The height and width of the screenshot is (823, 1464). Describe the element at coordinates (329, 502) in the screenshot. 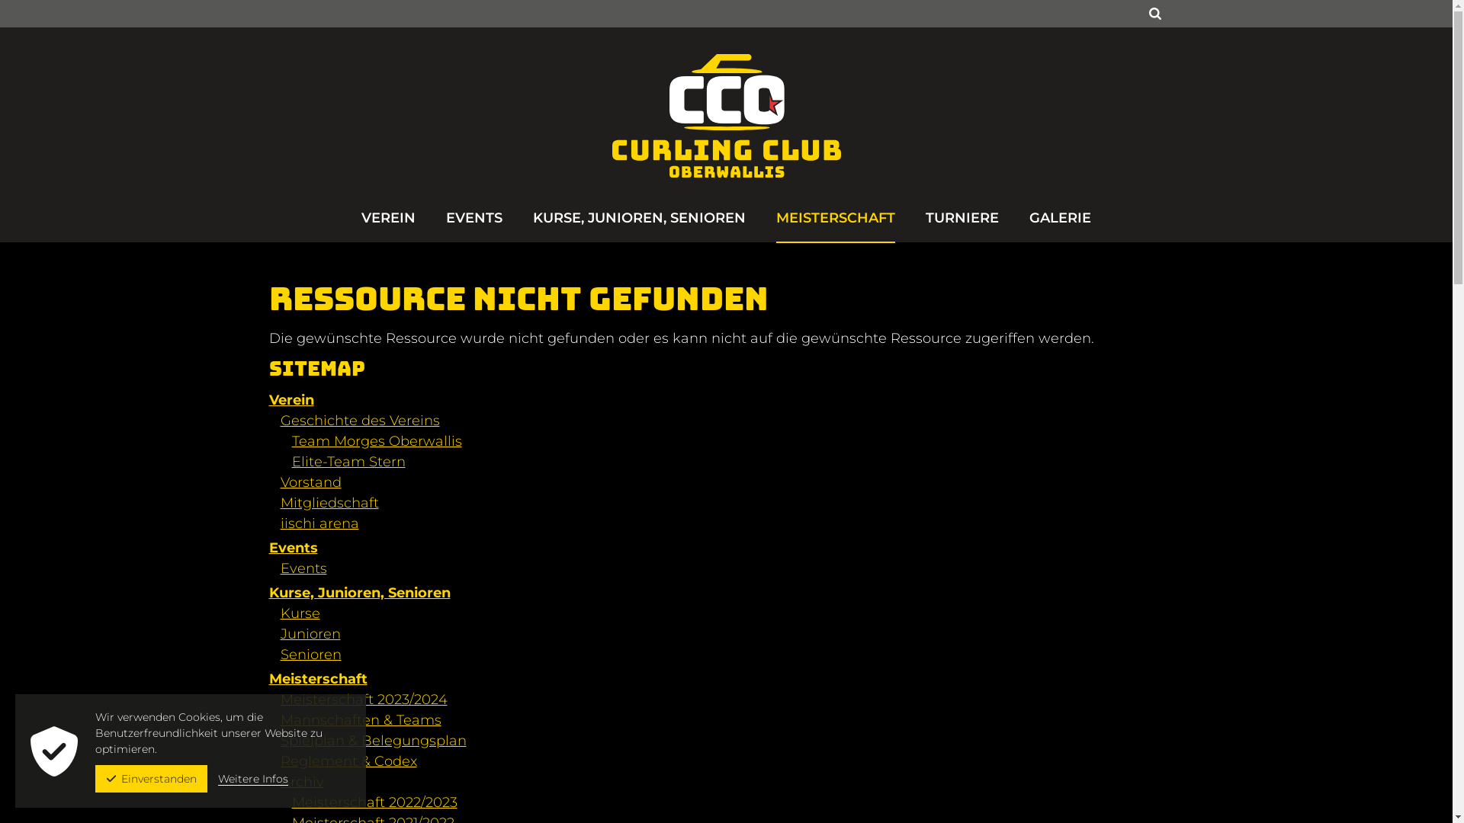

I see `'Mitgliedschaft'` at that location.